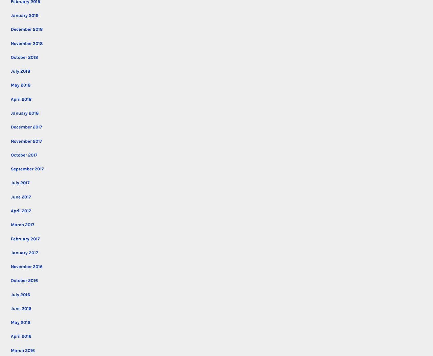  I want to click on 'July 2016', so click(20, 294).